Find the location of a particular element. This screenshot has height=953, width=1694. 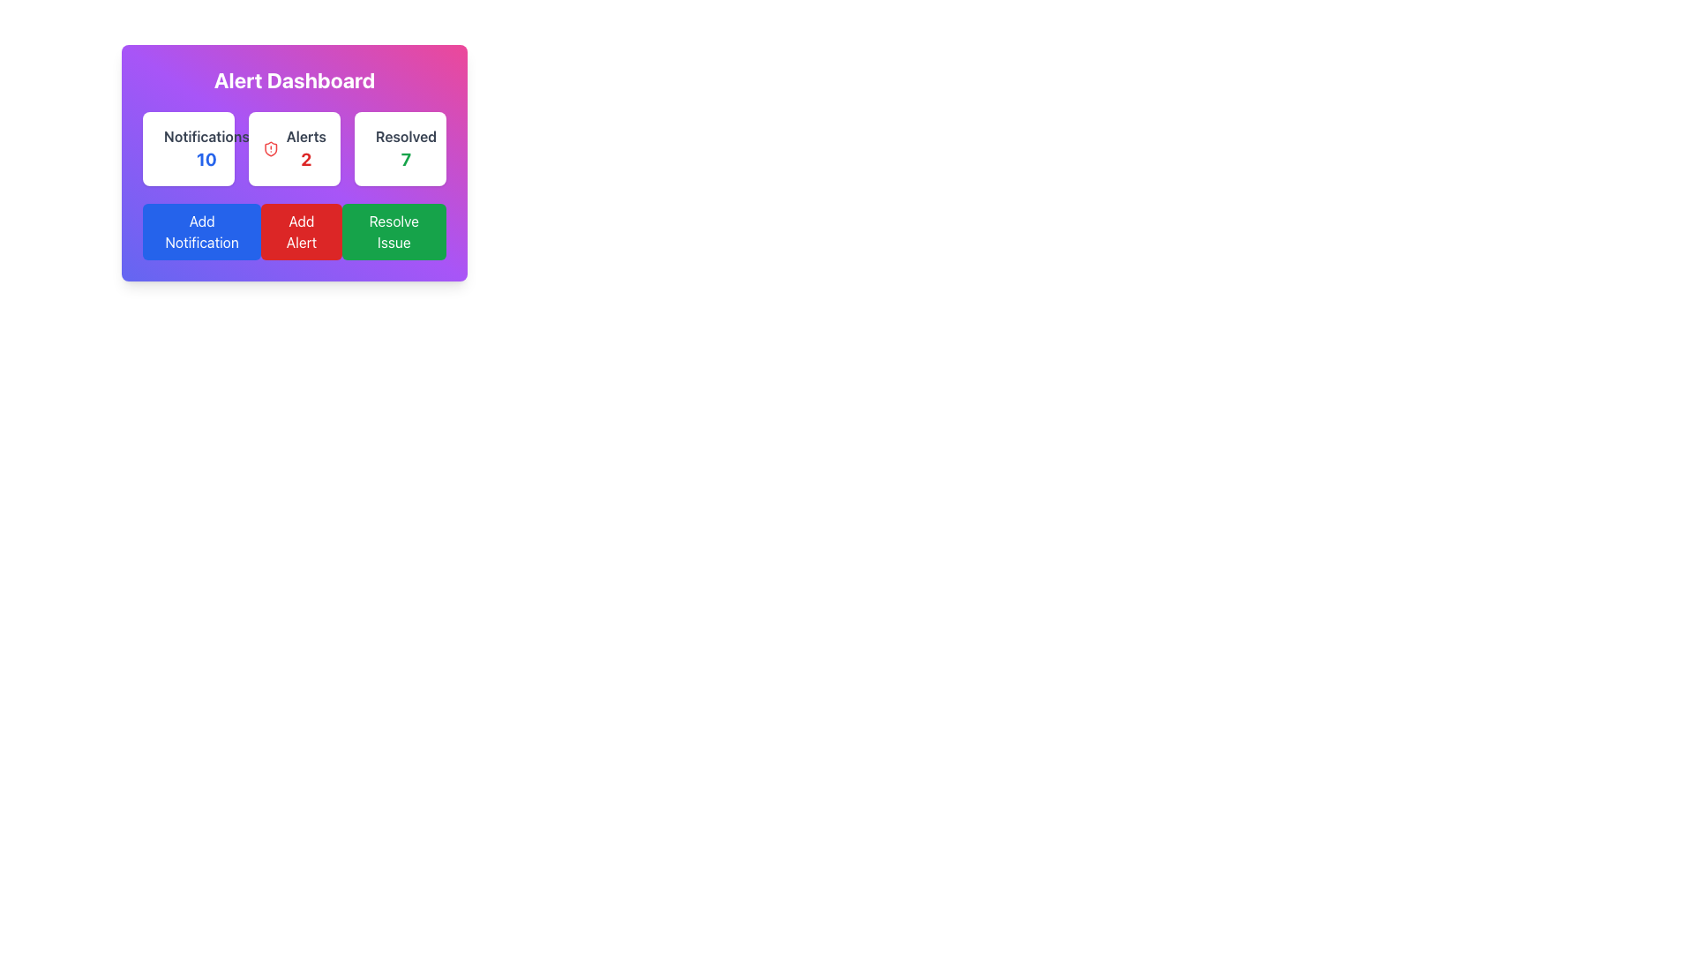

the red shield-shaped icon that signifies alerts, located centrally in the UI with a numerical counter beneath it is located at coordinates (270, 148).